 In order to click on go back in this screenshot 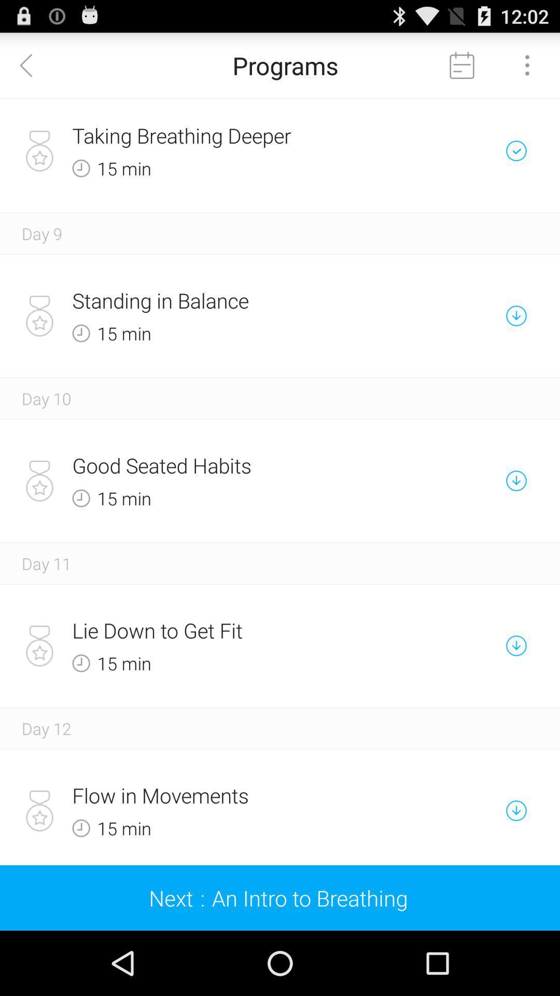, I will do `click(32, 64)`.